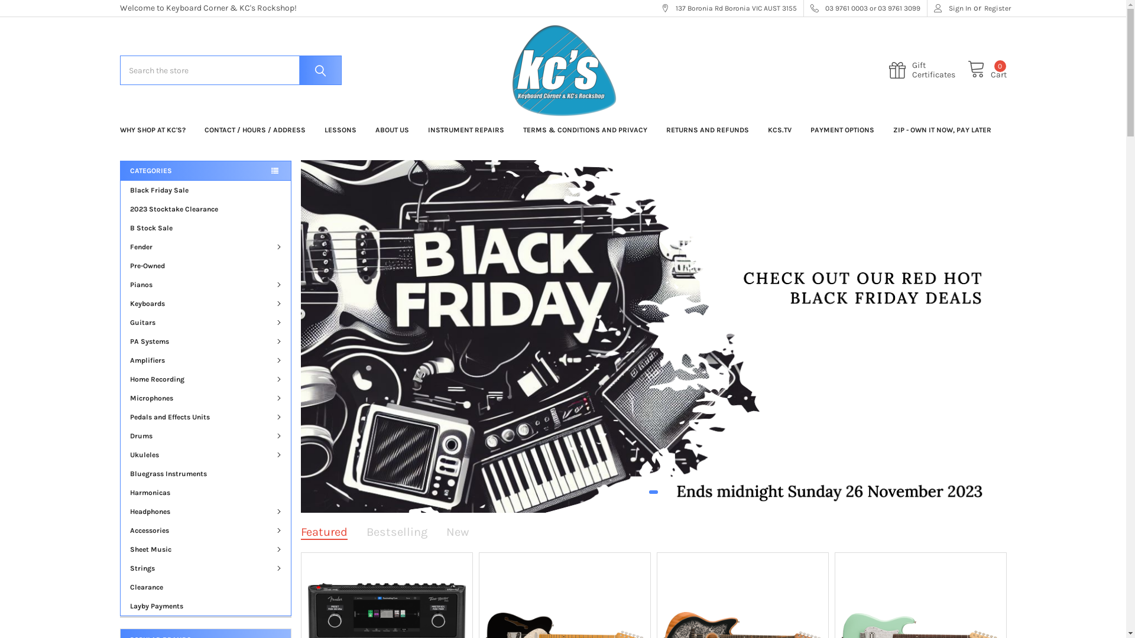 Image resolution: width=1135 pixels, height=638 pixels. What do you see at coordinates (339, 129) in the screenshot?
I see `'LESSONS'` at bounding box center [339, 129].